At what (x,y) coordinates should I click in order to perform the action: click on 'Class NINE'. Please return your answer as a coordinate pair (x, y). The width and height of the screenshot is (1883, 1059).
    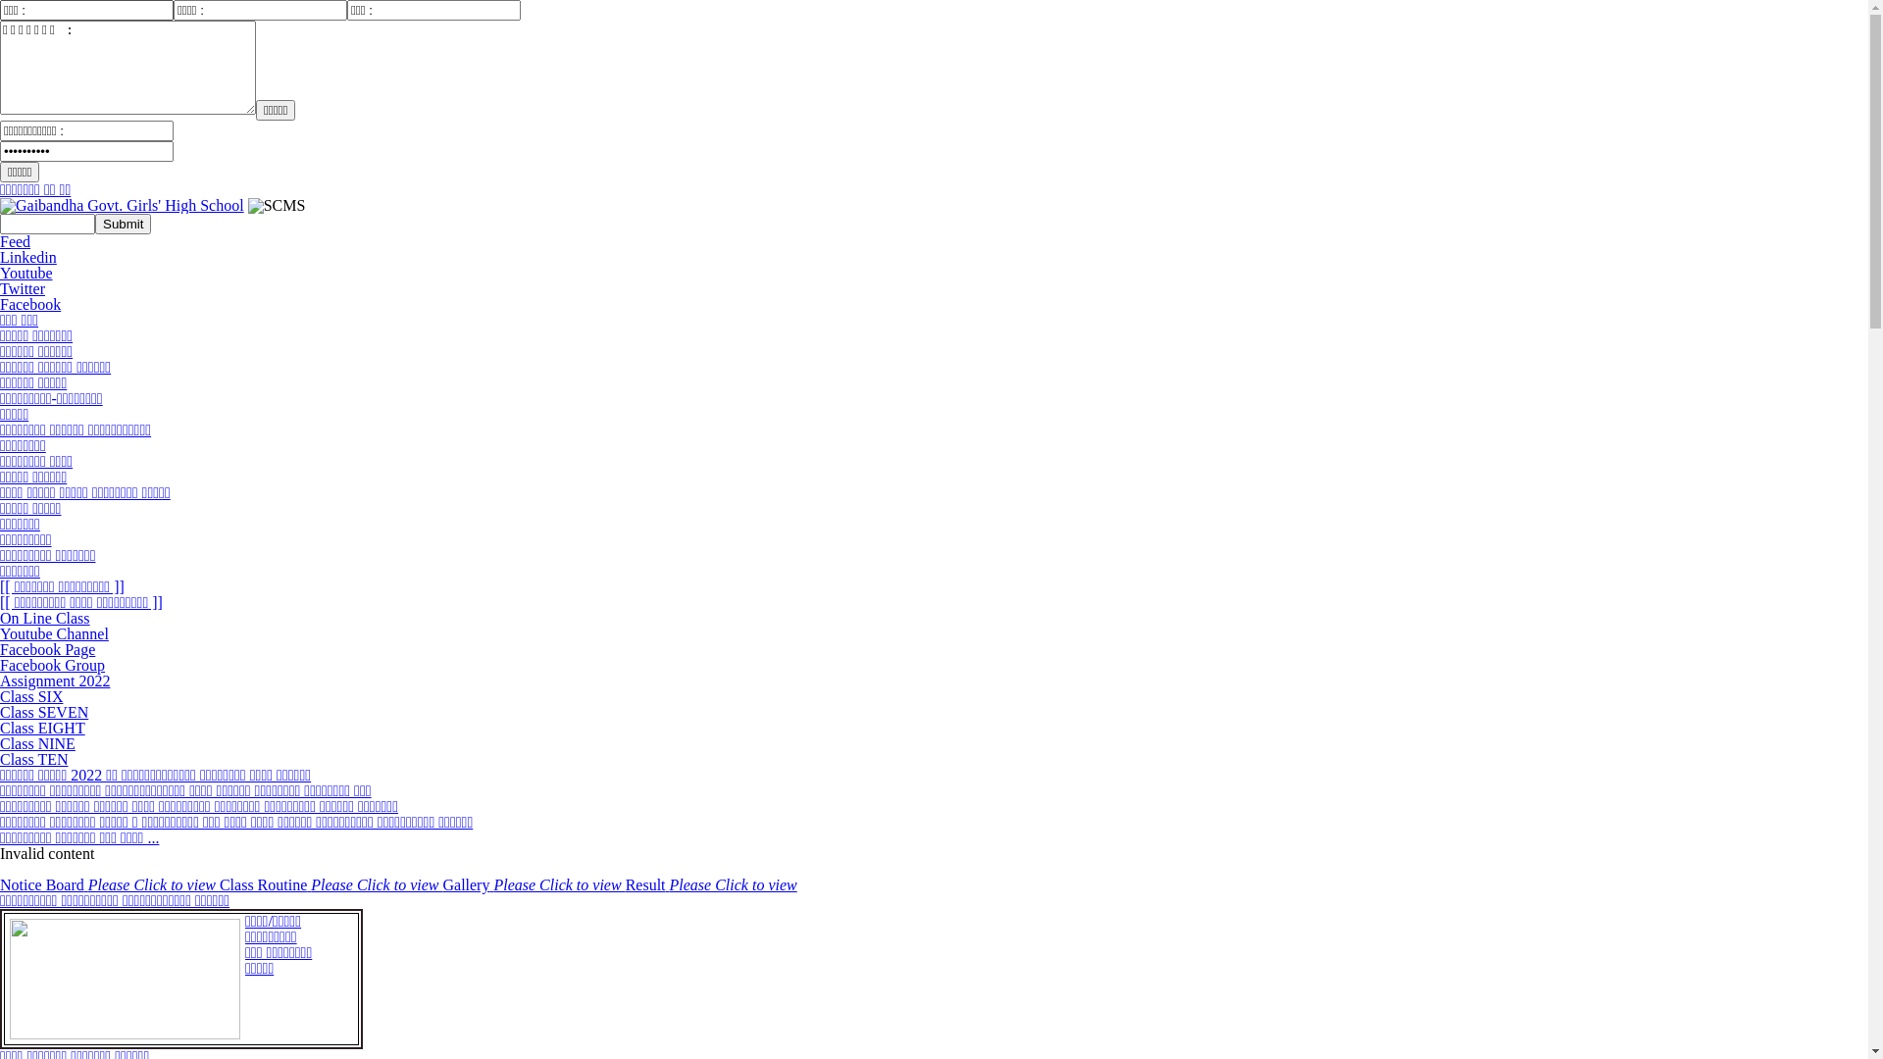
    Looking at the image, I should click on (0, 743).